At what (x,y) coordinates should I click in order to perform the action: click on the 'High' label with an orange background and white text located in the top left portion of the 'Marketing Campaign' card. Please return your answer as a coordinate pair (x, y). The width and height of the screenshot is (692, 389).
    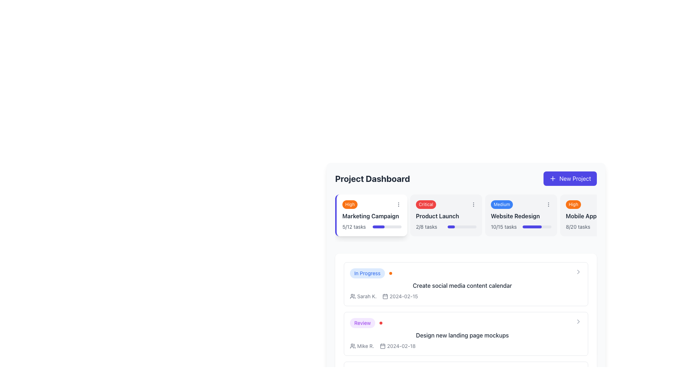
    Looking at the image, I should click on (350, 204).